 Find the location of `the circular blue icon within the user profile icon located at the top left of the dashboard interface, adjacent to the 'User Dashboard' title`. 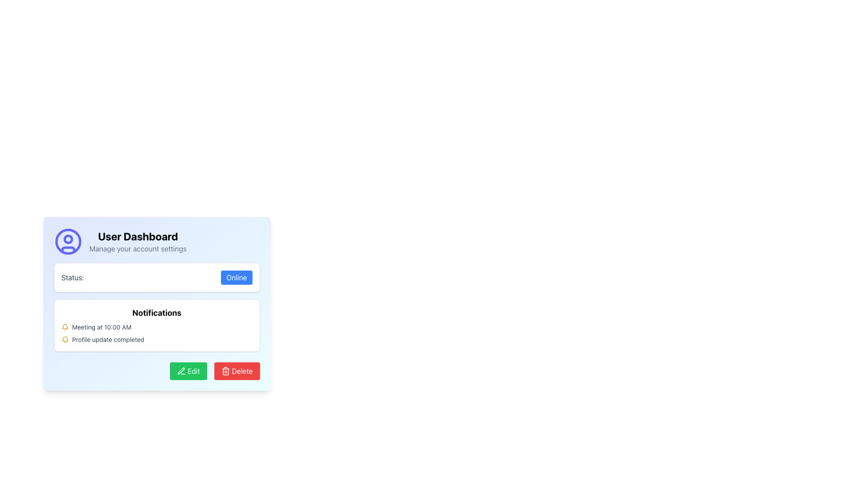

the circular blue icon within the user profile icon located at the top left of the dashboard interface, adjacent to the 'User Dashboard' title is located at coordinates (67, 241).